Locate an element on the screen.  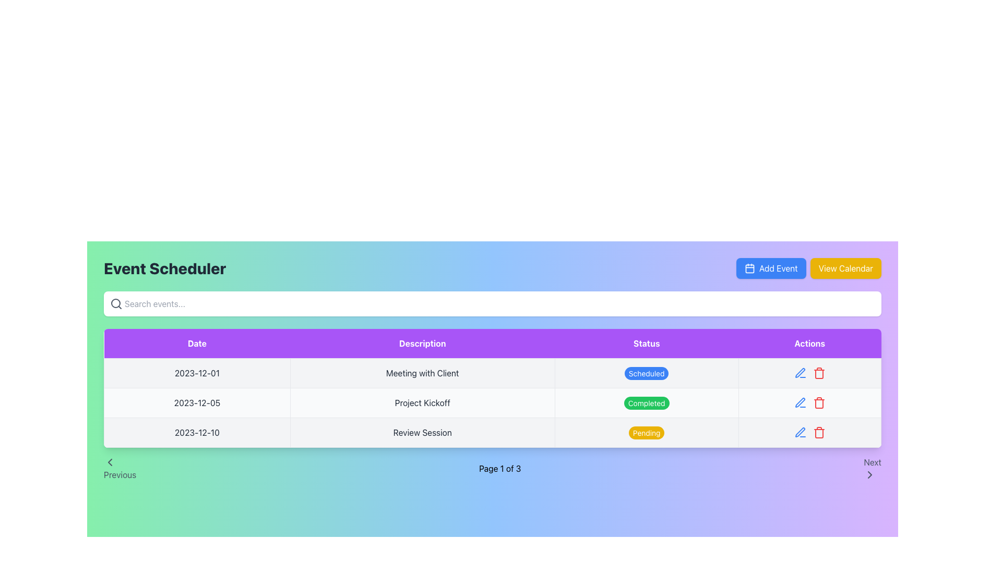
the static text field displaying 'Review Session' located in the 'Description' column of the data table for the date '2023-12-10' is located at coordinates (422, 432).